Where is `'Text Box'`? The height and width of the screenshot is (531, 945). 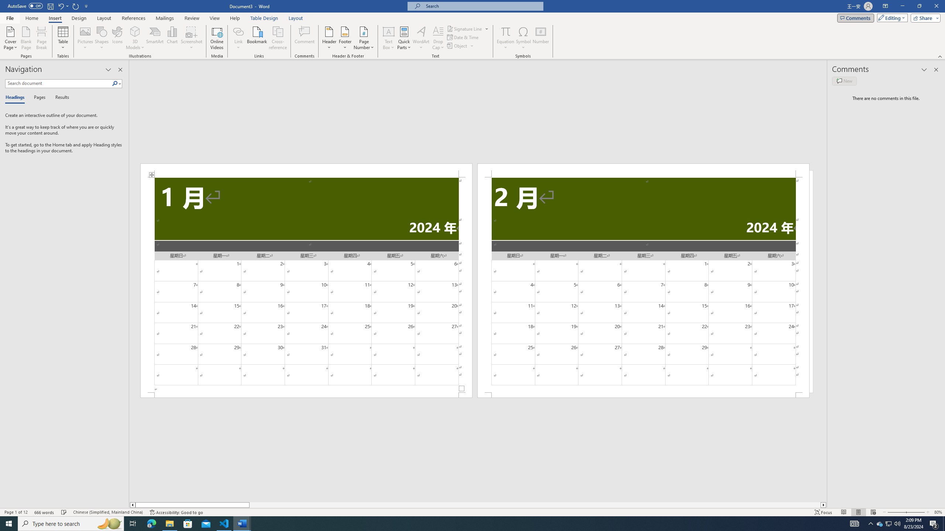
'Text Box' is located at coordinates (388, 38).